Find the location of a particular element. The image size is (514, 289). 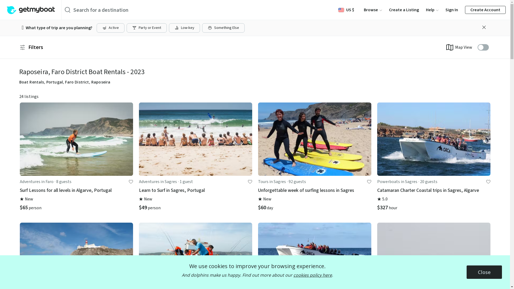

'Something Else' is located at coordinates (223, 28).